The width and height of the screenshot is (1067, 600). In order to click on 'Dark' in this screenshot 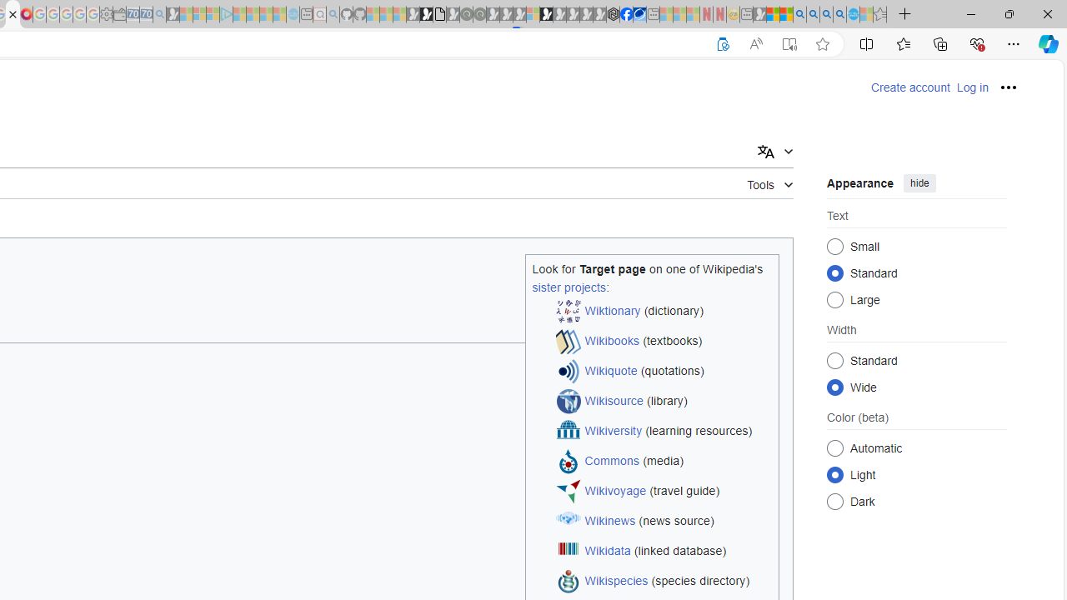, I will do `click(835, 500)`.